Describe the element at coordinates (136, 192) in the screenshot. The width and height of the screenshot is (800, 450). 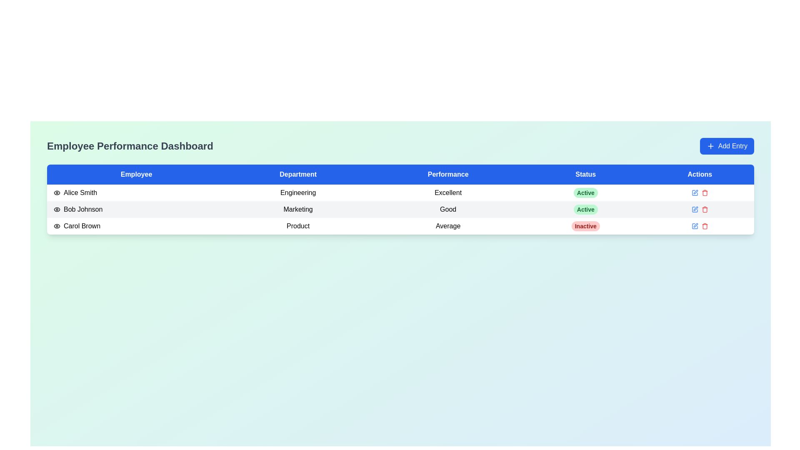
I see `the eye icon next to the text caption 'Alice Smith' in the first cell of the Employee column` at that location.